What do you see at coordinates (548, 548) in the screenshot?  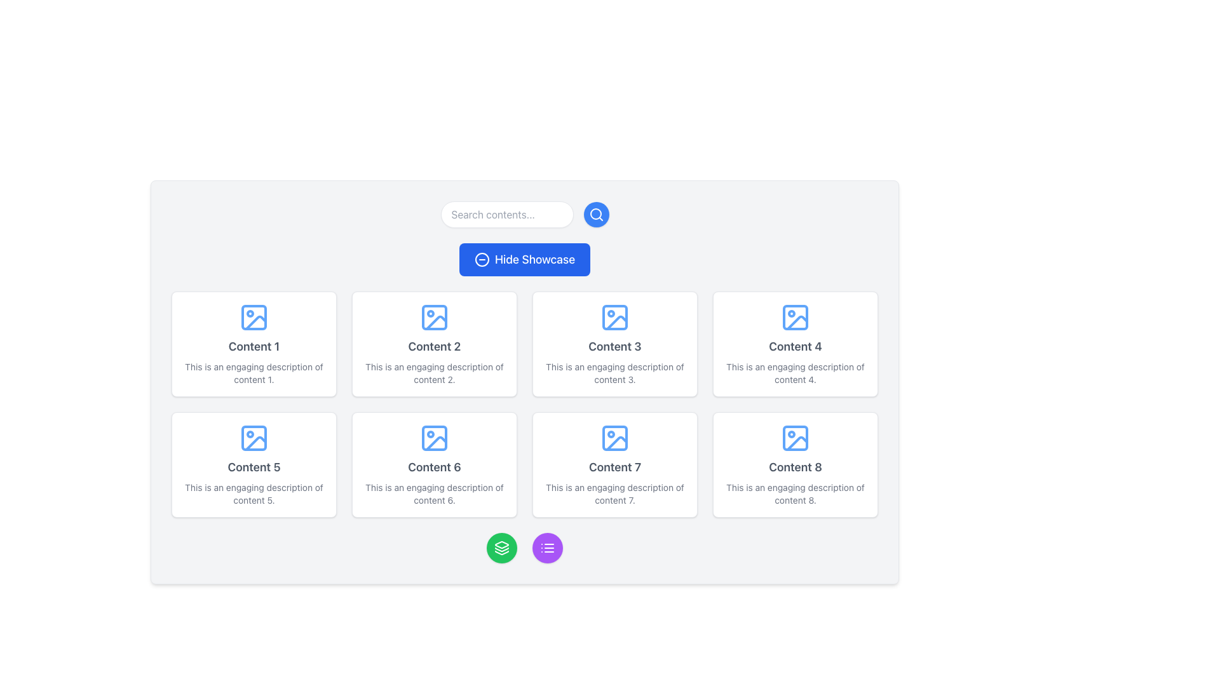 I see `the purple circular icon button located at the bottom right of the layout` at bounding box center [548, 548].